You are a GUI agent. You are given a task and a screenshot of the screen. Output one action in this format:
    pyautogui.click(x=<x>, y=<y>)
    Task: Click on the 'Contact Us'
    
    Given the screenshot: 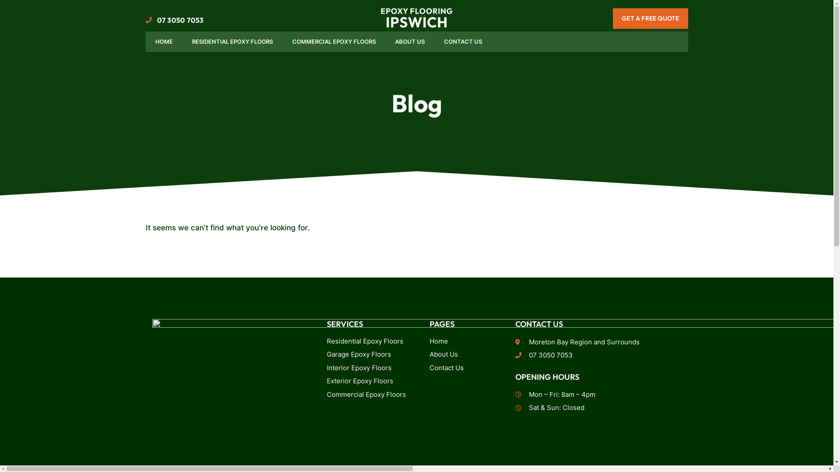 What is the action you would take?
    pyautogui.click(x=465, y=368)
    